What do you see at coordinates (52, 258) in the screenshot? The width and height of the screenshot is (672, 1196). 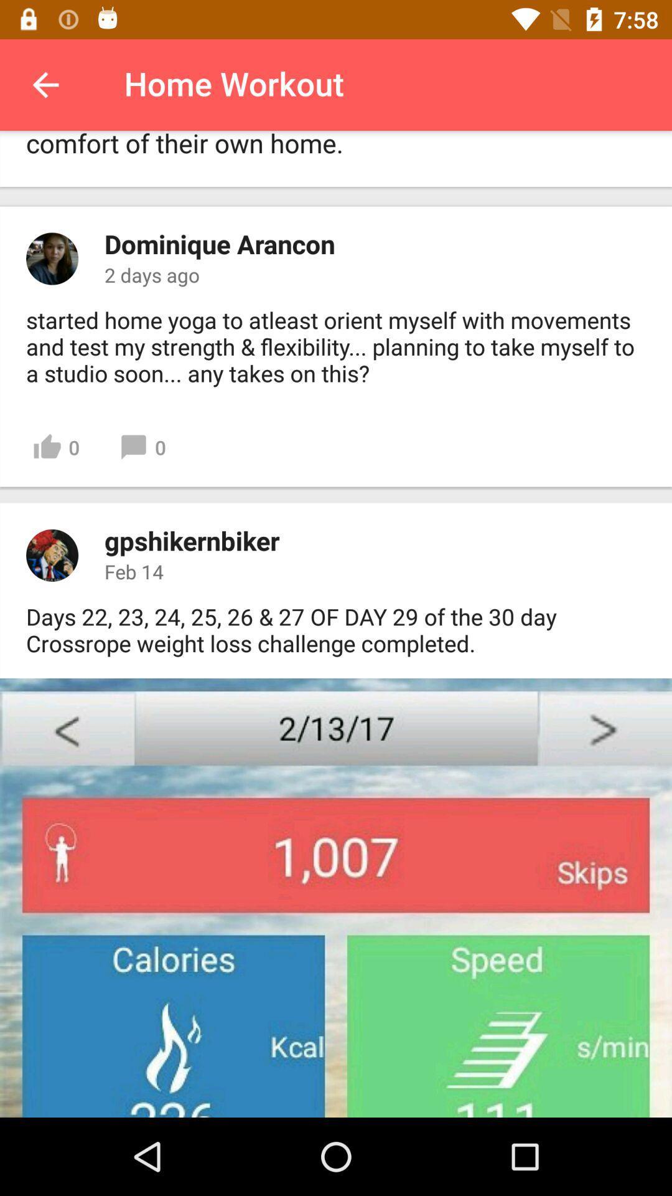 I see `profile picture` at bounding box center [52, 258].